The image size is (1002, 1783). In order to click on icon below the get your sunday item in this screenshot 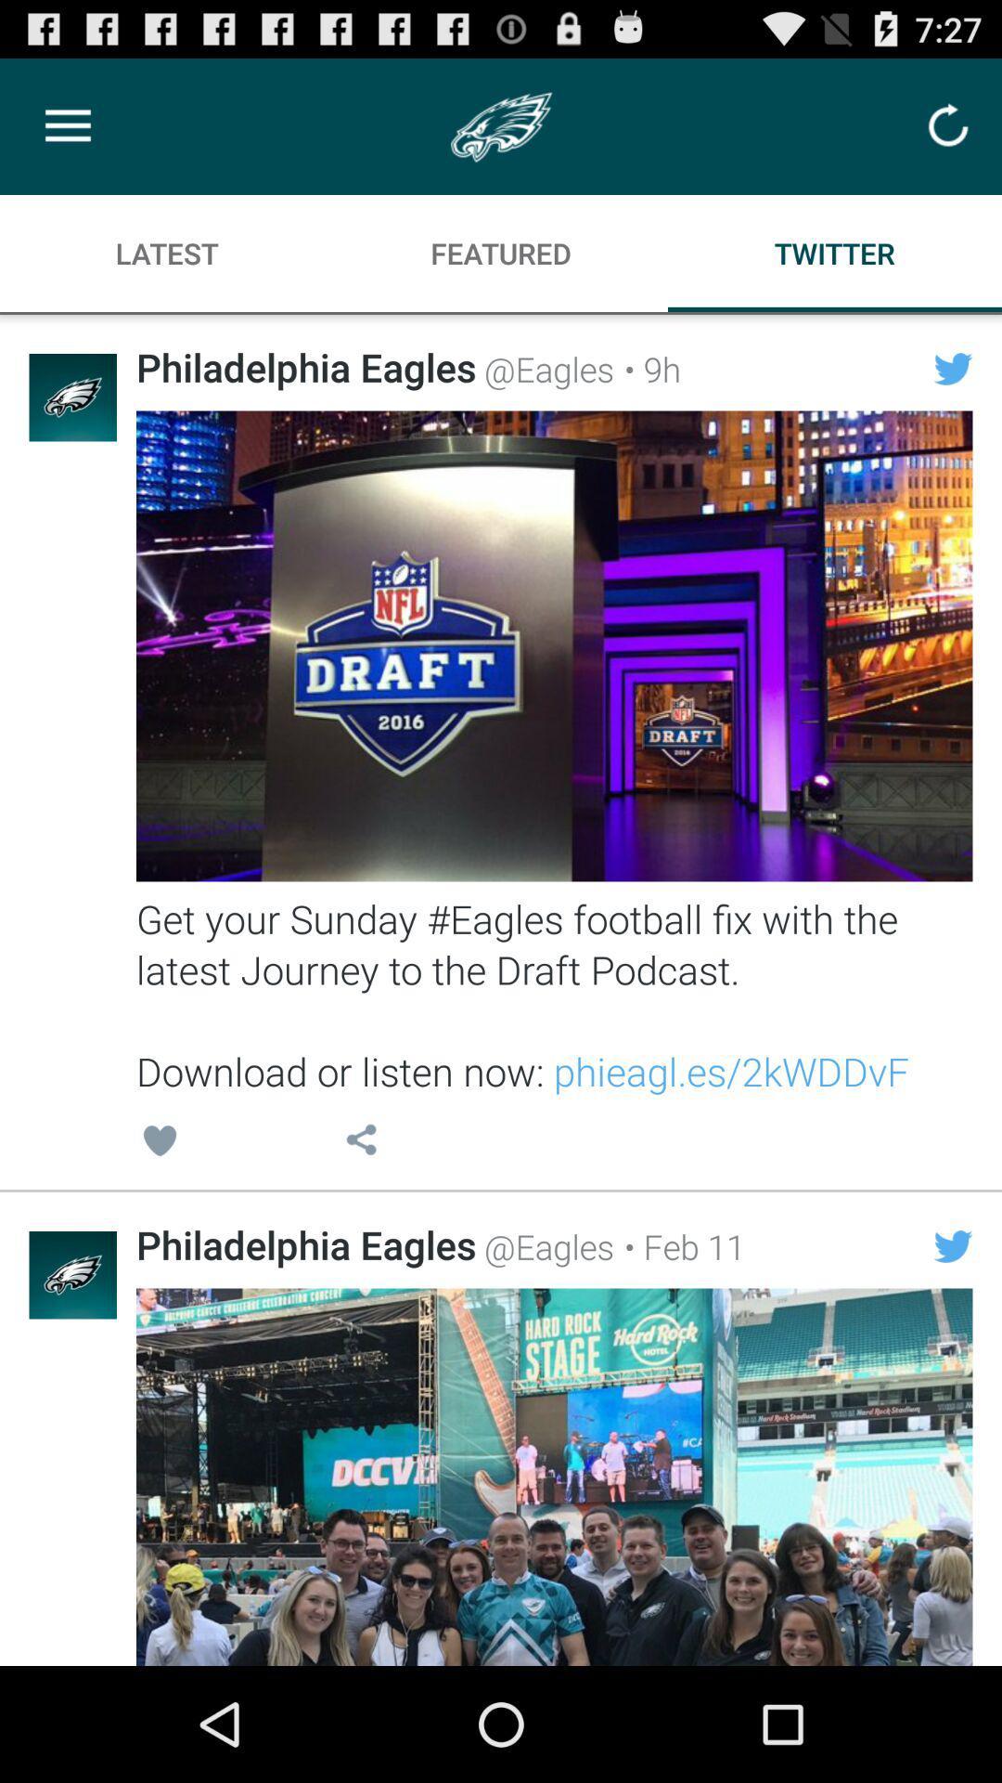, I will do `click(361, 1142)`.